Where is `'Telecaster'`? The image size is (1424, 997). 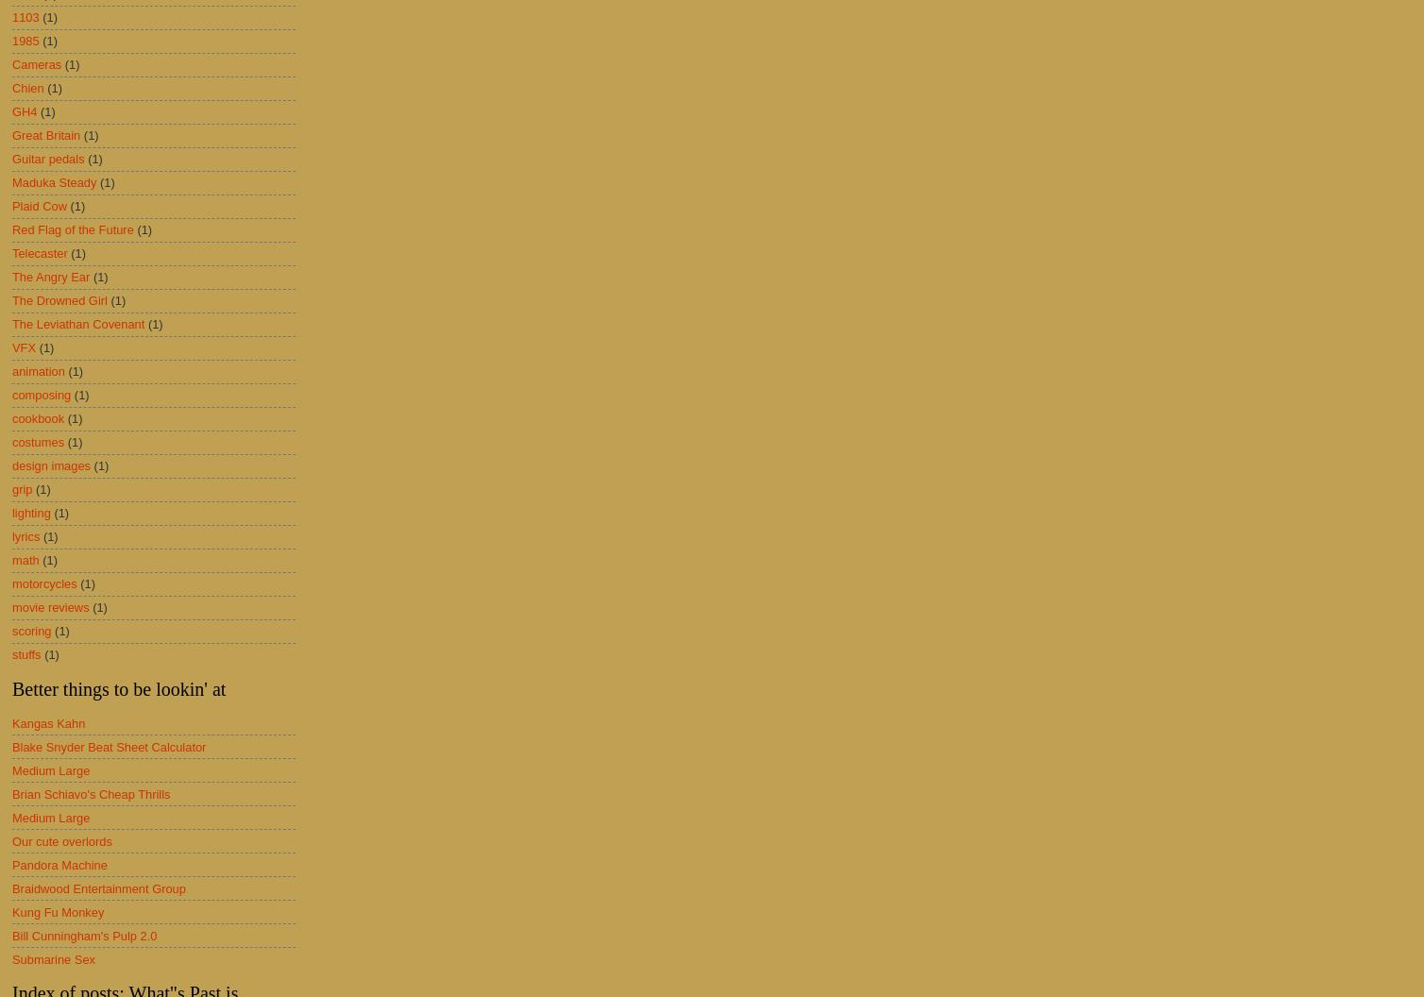 'Telecaster' is located at coordinates (40, 253).